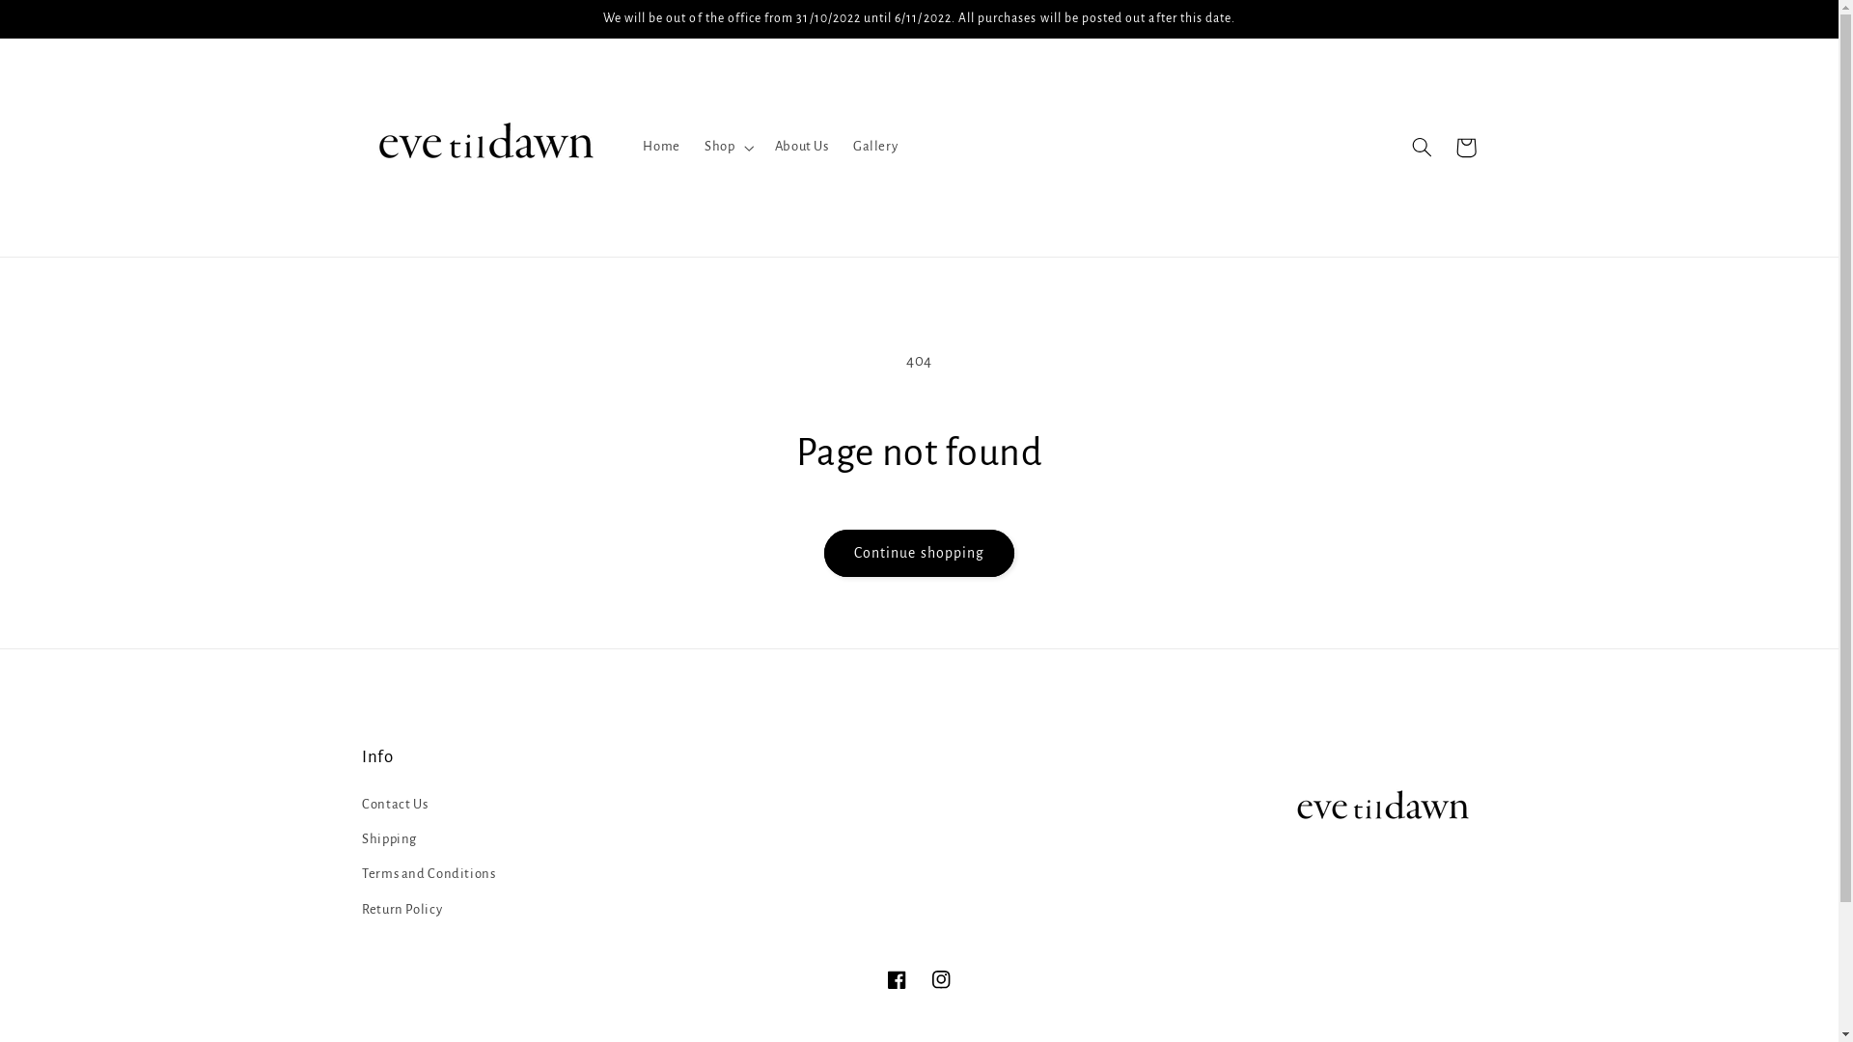 The height and width of the screenshot is (1042, 1853). Describe the element at coordinates (393, 807) in the screenshot. I see `'Contact Us'` at that location.